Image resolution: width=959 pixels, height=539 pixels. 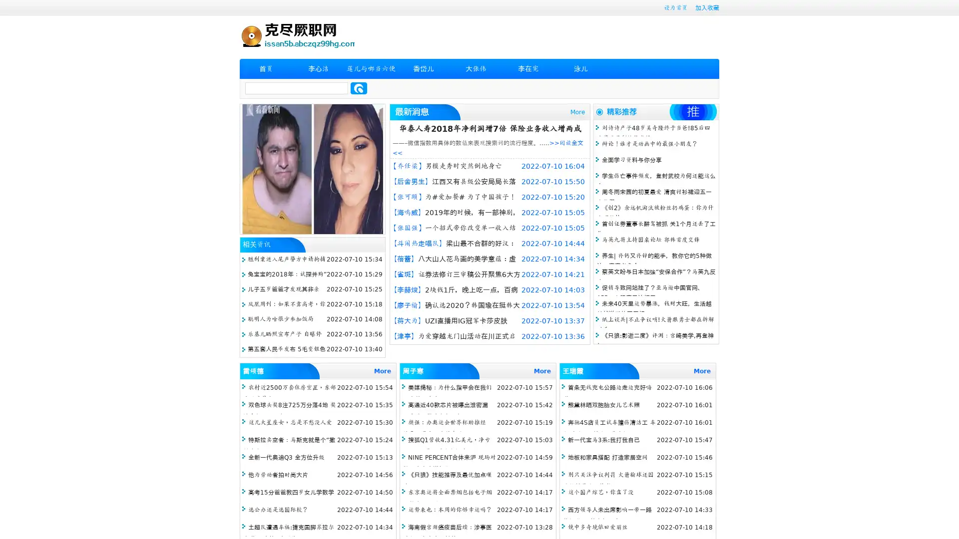 I want to click on Search, so click(x=359, y=88).